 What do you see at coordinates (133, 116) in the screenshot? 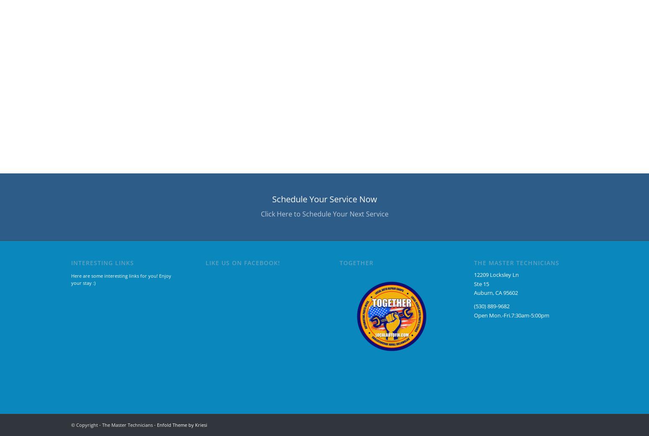
I see `'Team'` at bounding box center [133, 116].